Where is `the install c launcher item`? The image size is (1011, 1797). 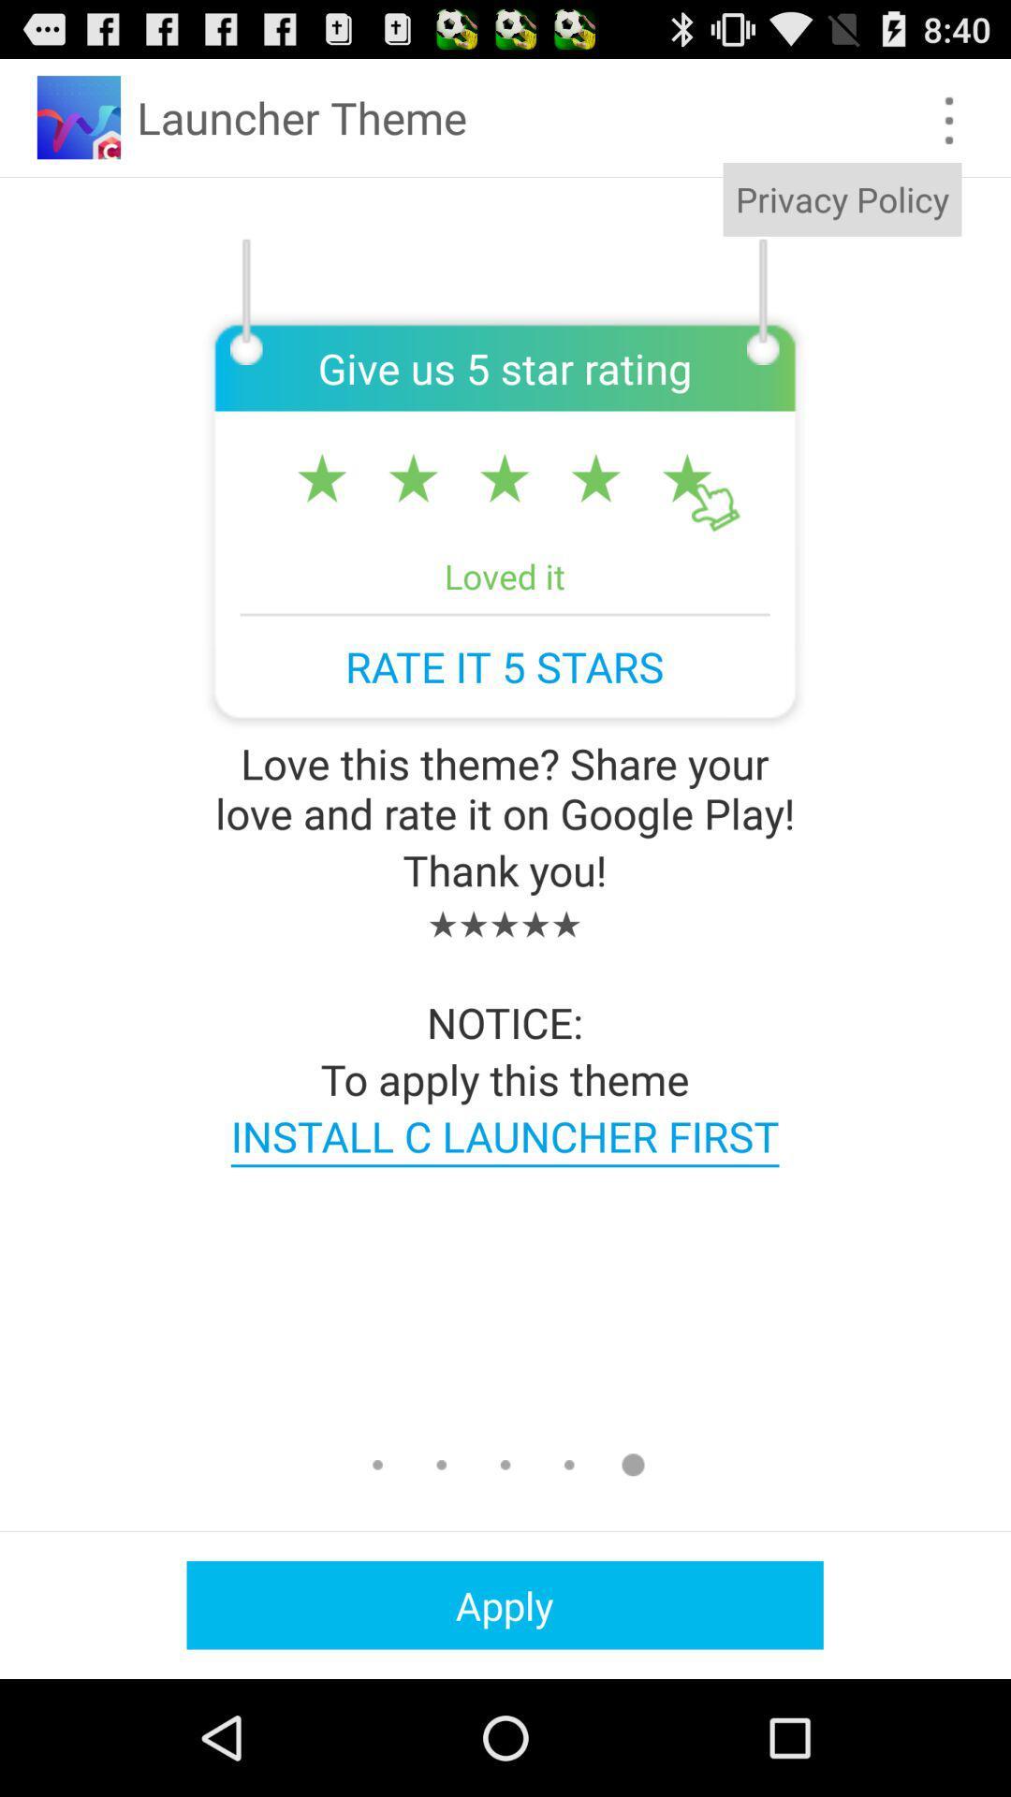 the install c launcher item is located at coordinates (504, 1134).